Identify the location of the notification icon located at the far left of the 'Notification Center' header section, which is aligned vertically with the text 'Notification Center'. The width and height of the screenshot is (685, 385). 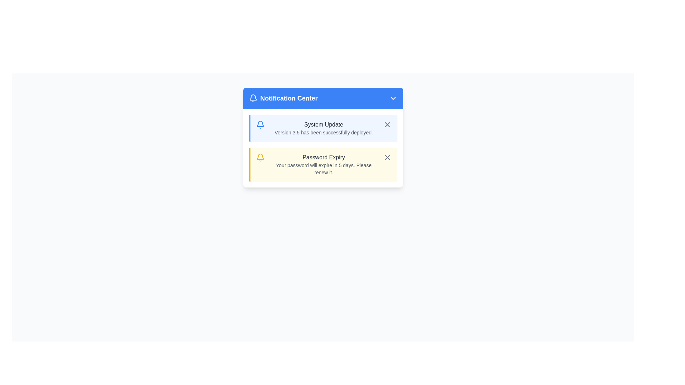
(253, 98).